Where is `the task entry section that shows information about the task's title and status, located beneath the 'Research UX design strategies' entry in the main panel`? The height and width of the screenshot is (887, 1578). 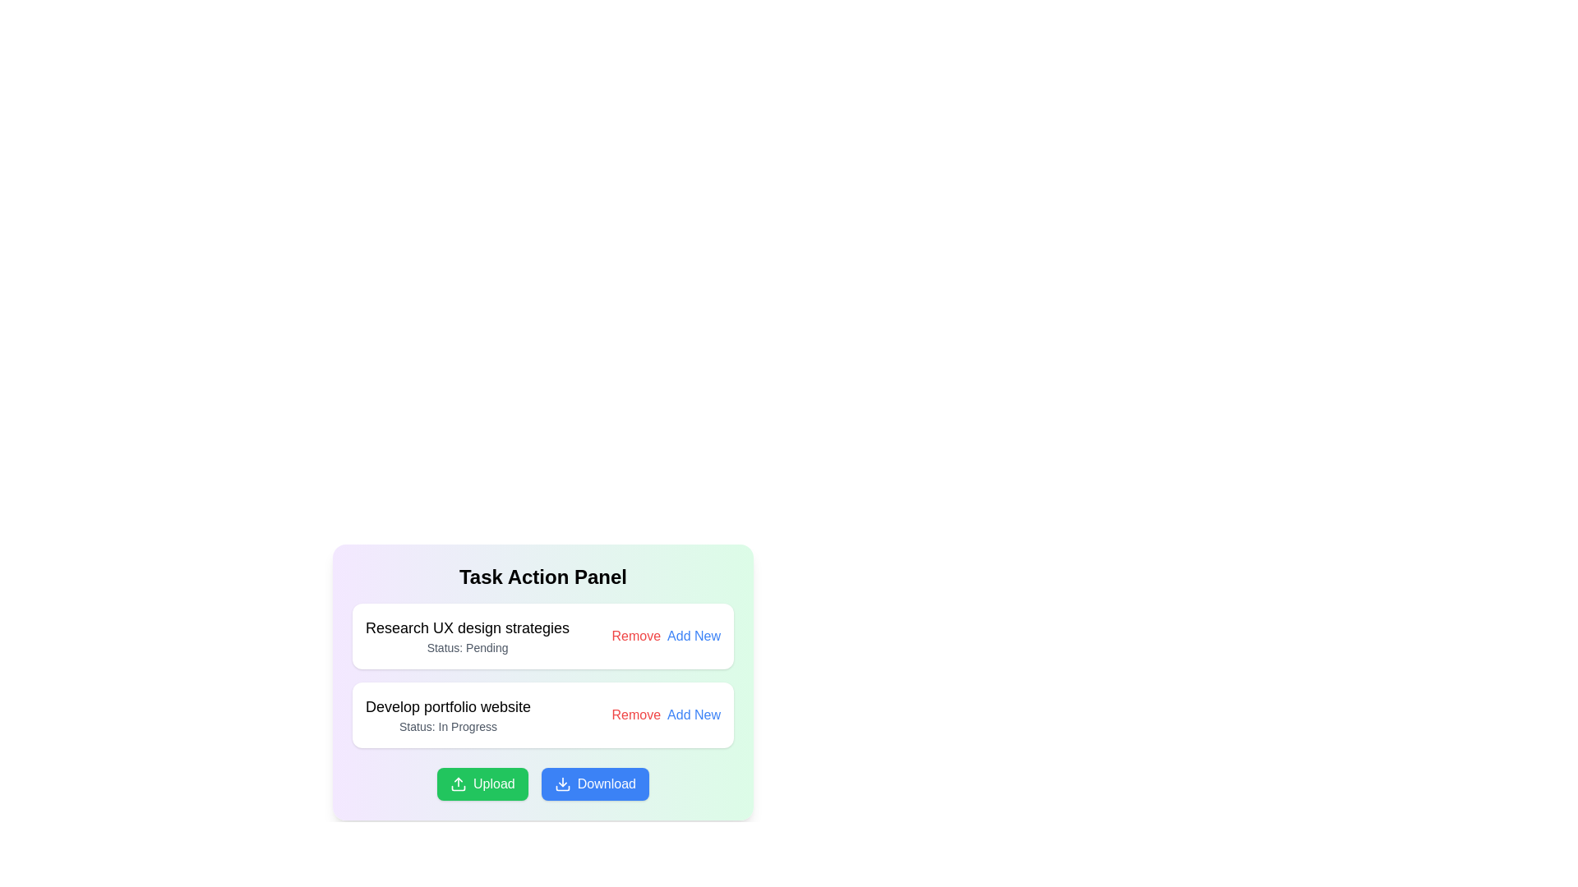
the task entry section that shows information about the task's title and status, located beneath the 'Research UX design strategies' entry in the main panel is located at coordinates (543, 715).